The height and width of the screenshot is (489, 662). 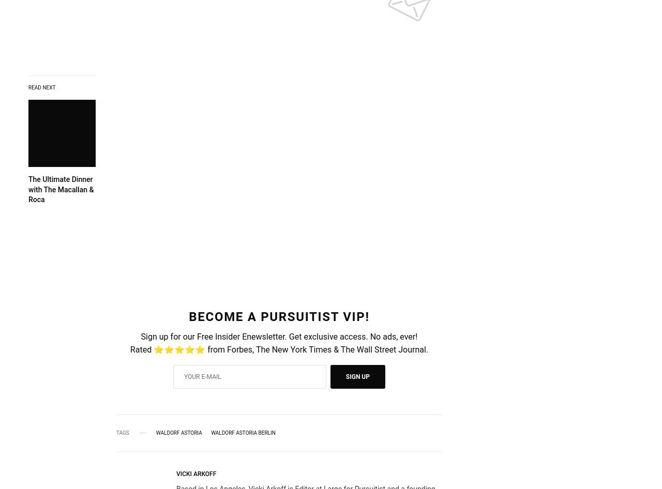 I want to click on 'BECOME A PURSUITIST VIP!', so click(x=279, y=316).